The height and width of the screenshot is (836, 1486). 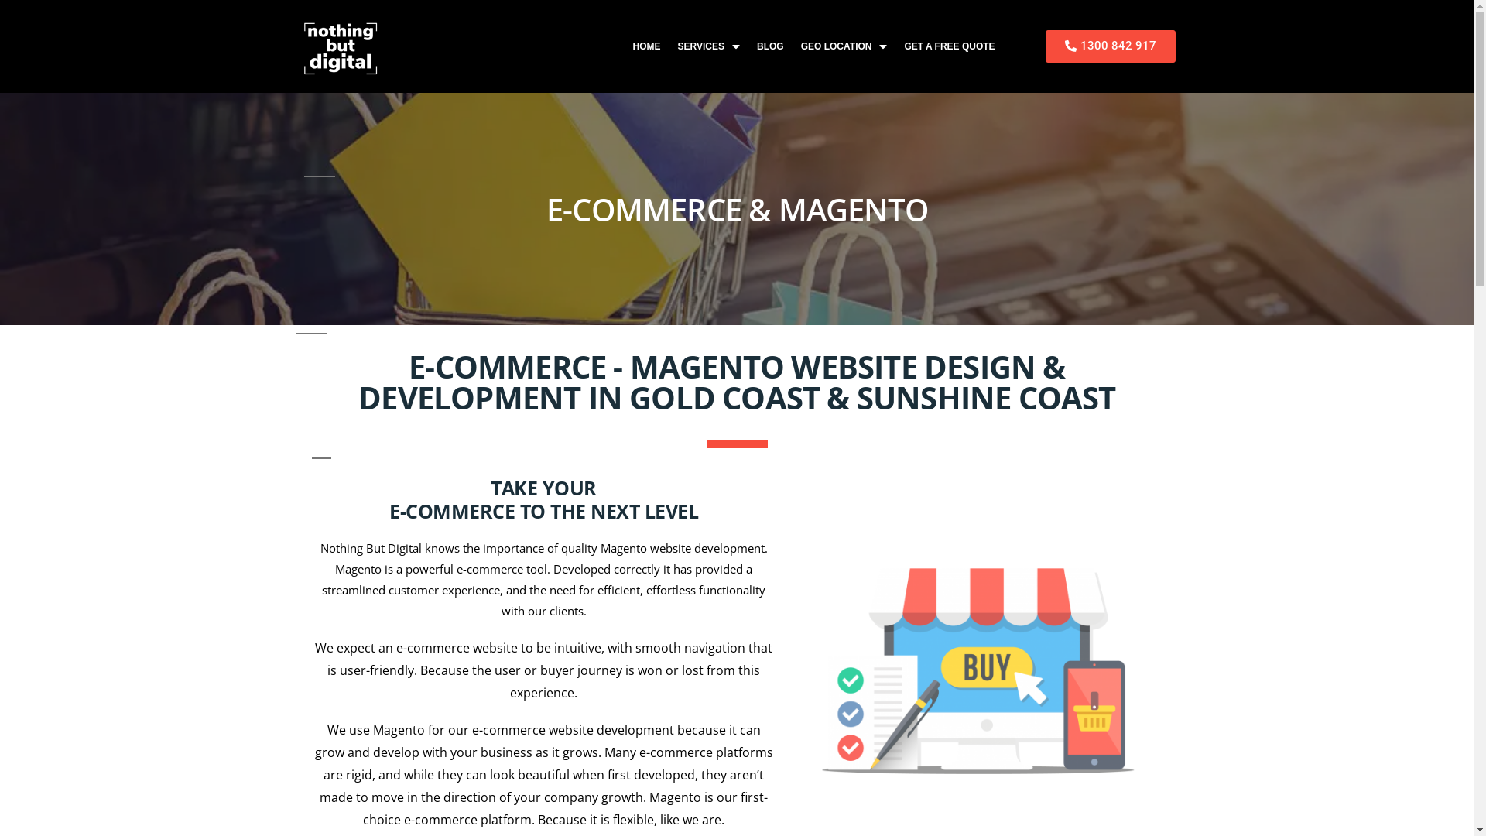 What do you see at coordinates (1045, 46) in the screenshot?
I see `'1300 842 917'` at bounding box center [1045, 46].